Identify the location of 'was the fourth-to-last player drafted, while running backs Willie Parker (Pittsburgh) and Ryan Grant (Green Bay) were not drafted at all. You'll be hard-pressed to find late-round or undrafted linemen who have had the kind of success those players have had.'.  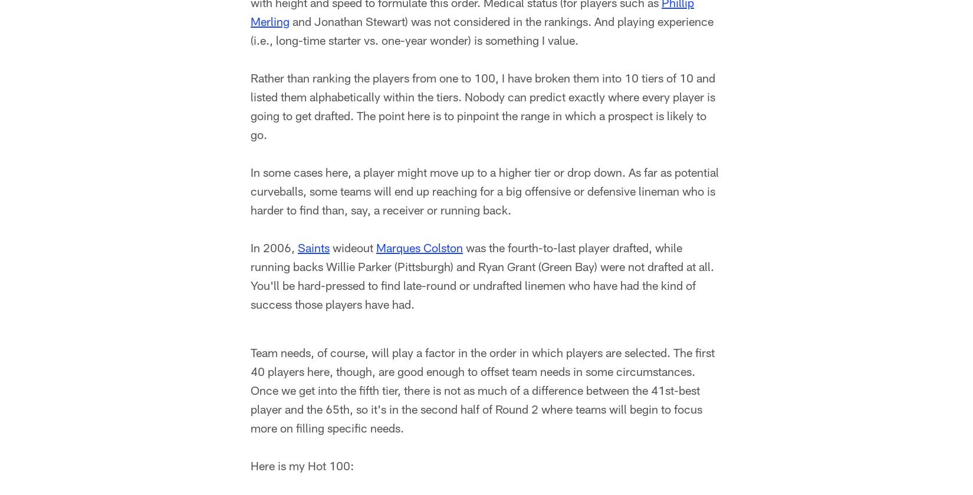
(250, 278).